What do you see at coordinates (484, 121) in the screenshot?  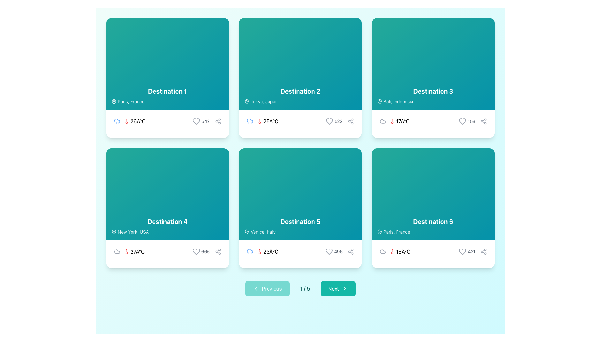 I see `the IconButton resembling a share symbol located in the bottom-right section of the card labeled 'Destination 3'` at bounding box center [484, 121].